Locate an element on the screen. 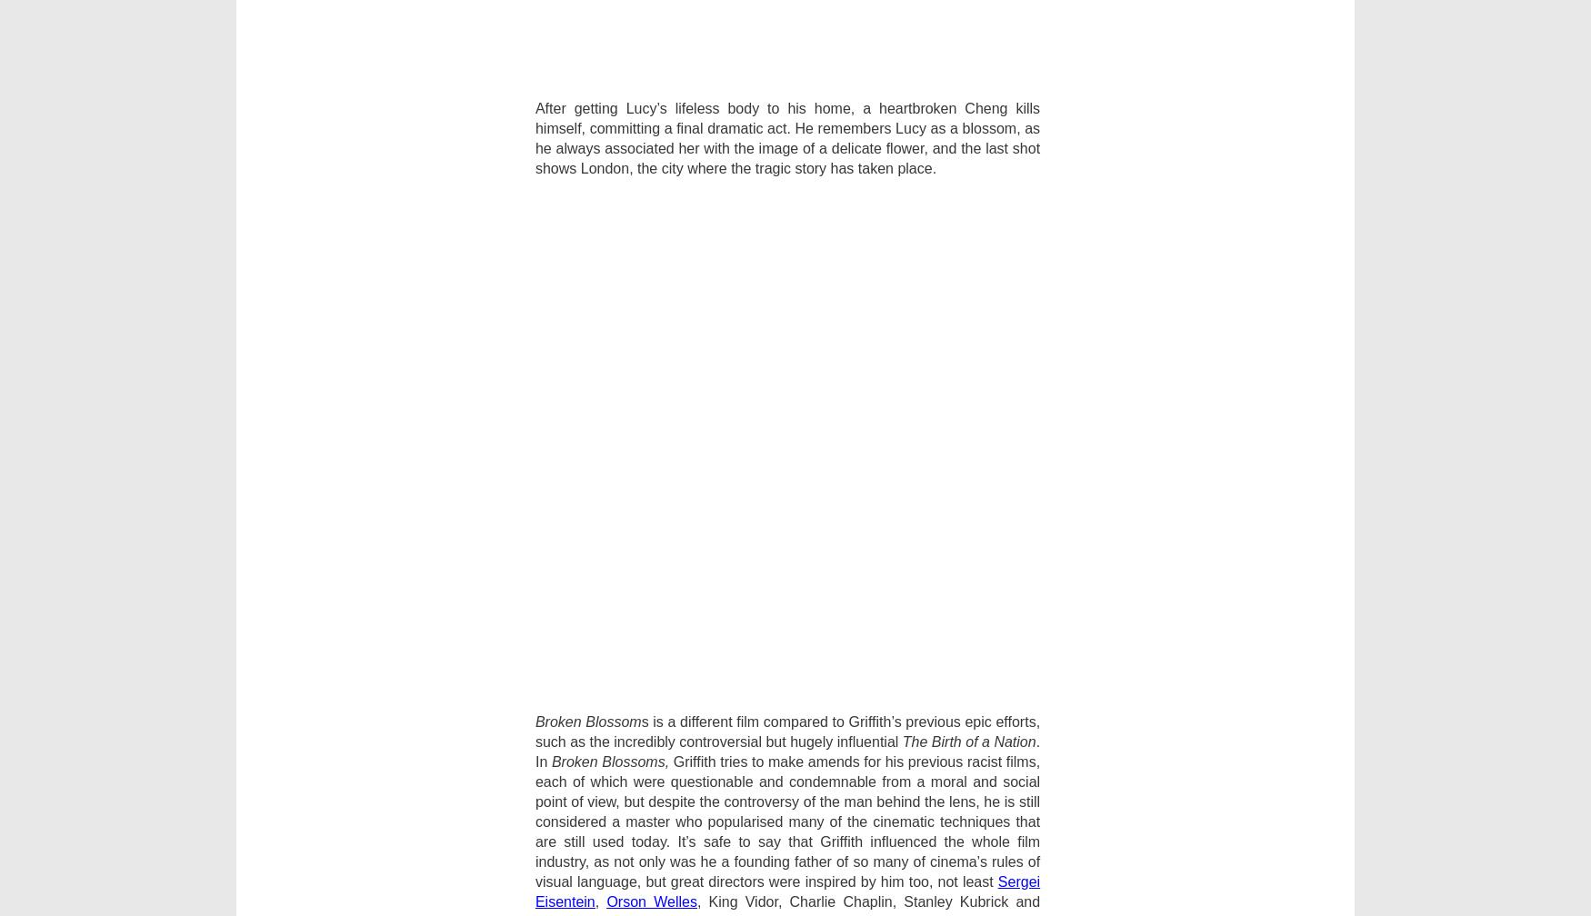 Image resolution: width=1591 pixels, height=916 pixels. 'RedBubble' is located at coordinates (1124, 603).